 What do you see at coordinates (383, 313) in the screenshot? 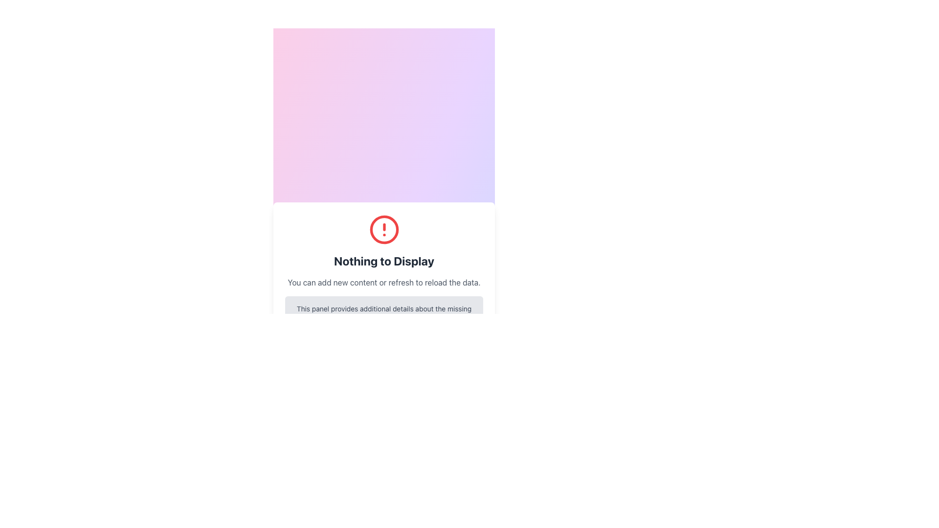
I see `the informative text located centrally aligned within a light gray panel beneath the 'Nothing` at bounding box center [383, 313].